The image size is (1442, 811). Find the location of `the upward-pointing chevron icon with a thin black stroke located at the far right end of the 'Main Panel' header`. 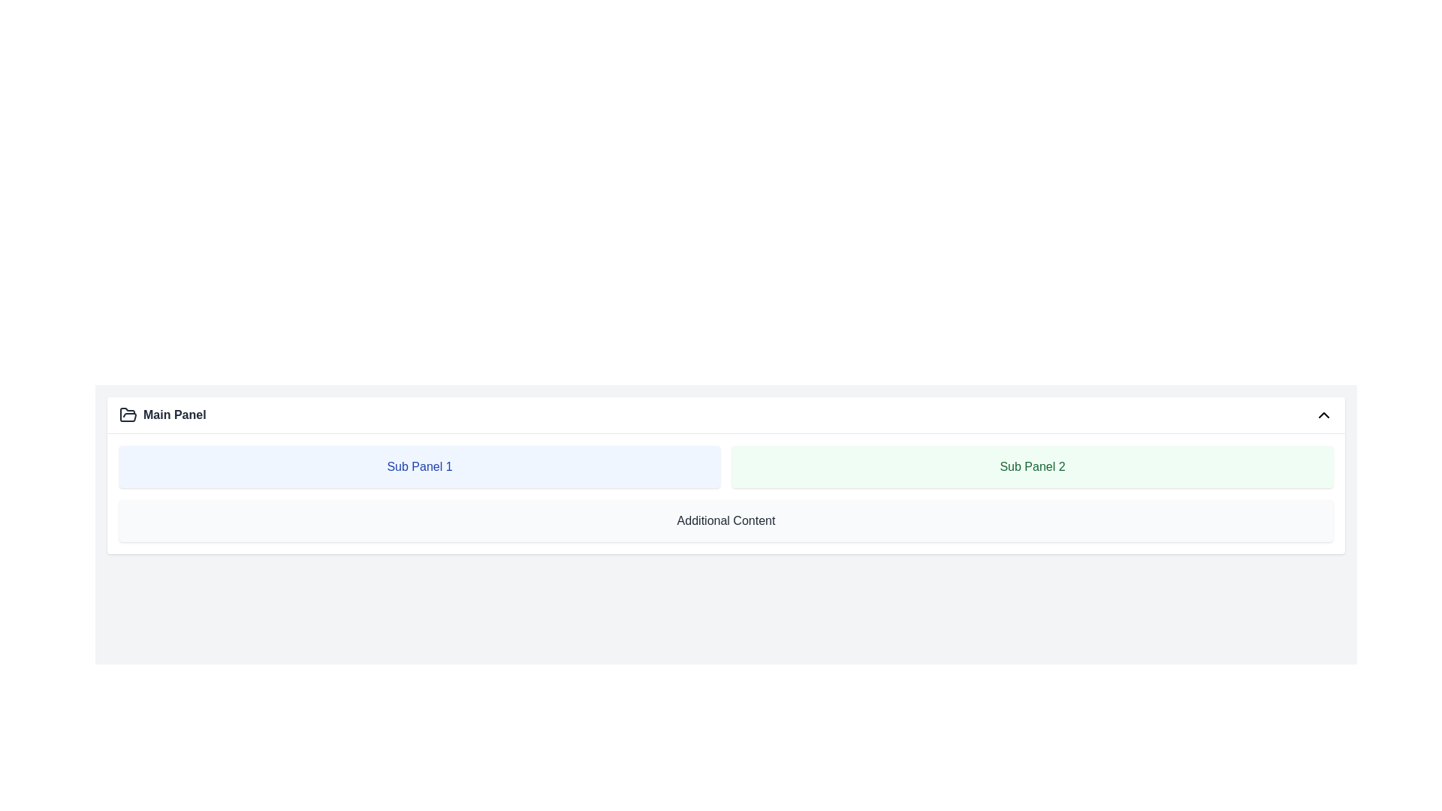

the upward-pointing chevron icon with a thin black stroke located at the far right end of the 'Main Panel' header is located at coordinates (1323, 415).